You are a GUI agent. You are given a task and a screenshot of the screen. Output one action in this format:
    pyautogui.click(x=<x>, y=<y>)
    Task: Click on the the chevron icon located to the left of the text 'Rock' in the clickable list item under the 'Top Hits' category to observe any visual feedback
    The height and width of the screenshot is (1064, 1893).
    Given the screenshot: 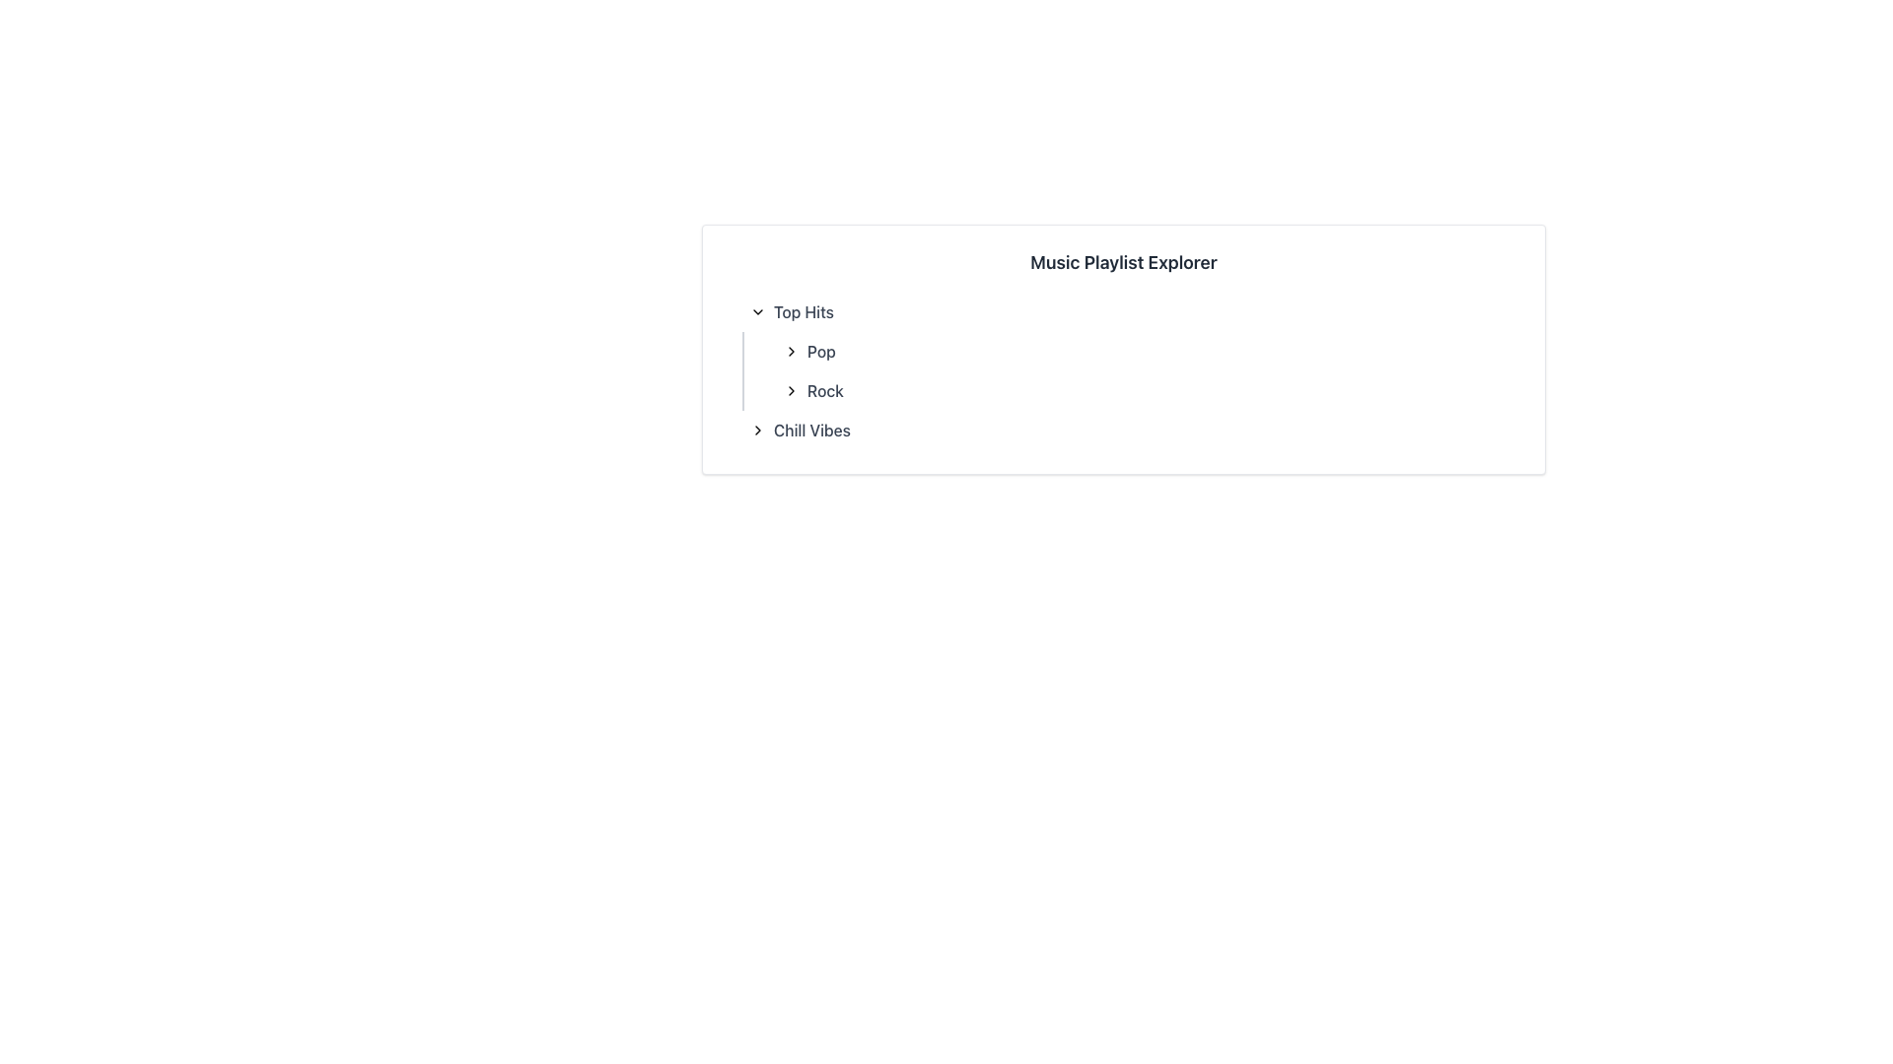 What is the action you would take?
    pyautogui.click(x=791, y=391)
    